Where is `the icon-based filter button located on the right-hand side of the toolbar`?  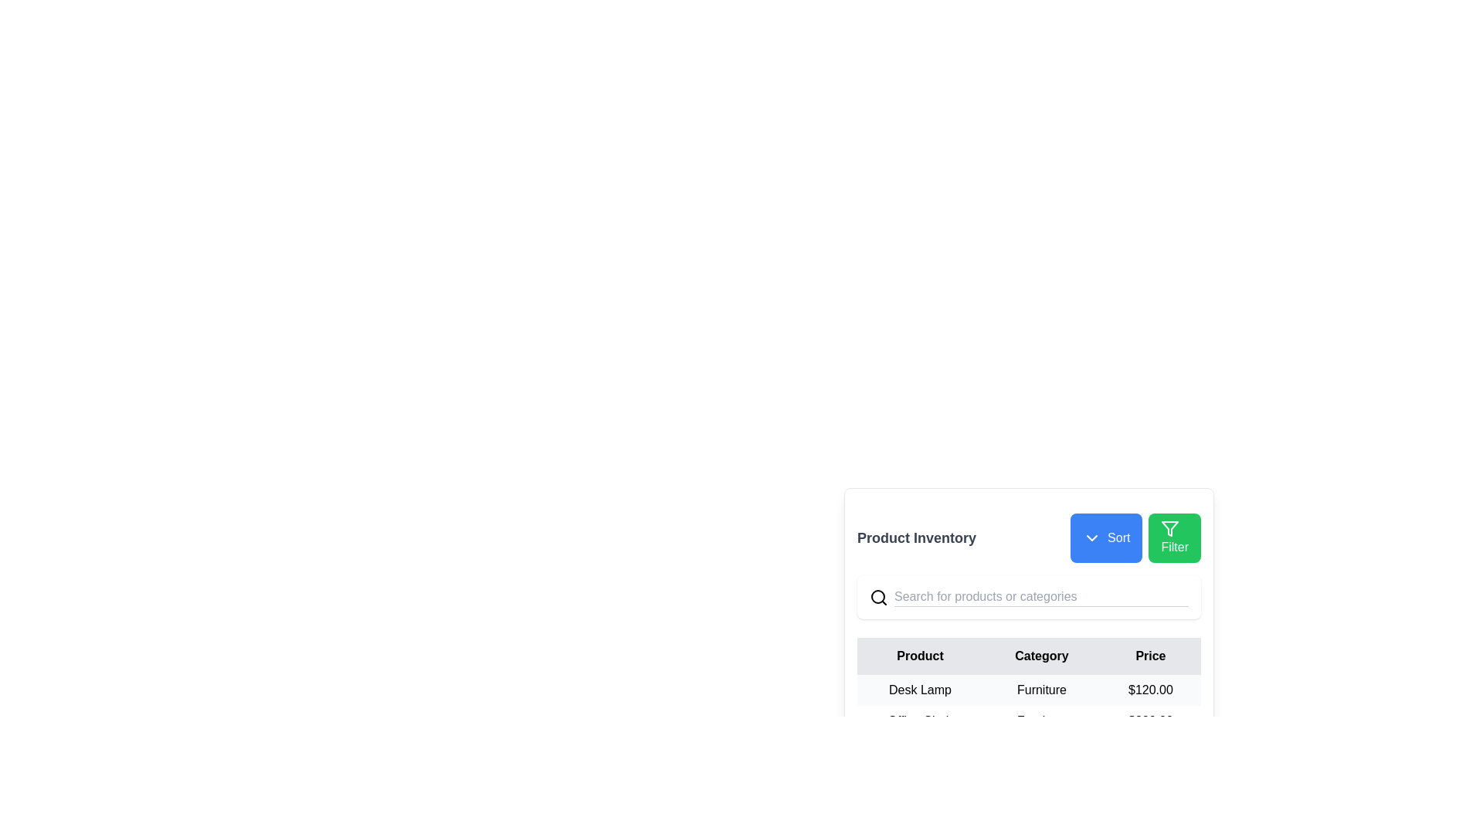 the icon-based filter button located on the right-hand side of the toolbar is located at coordinates (1170, 528).